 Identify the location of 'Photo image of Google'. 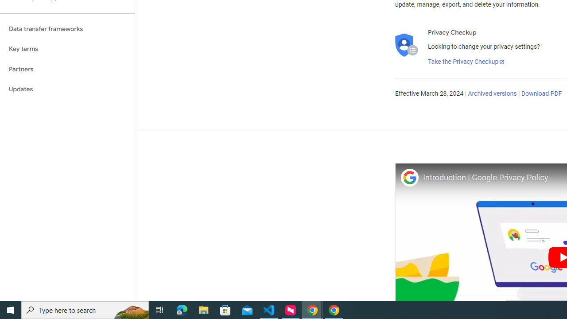
(409, 177).